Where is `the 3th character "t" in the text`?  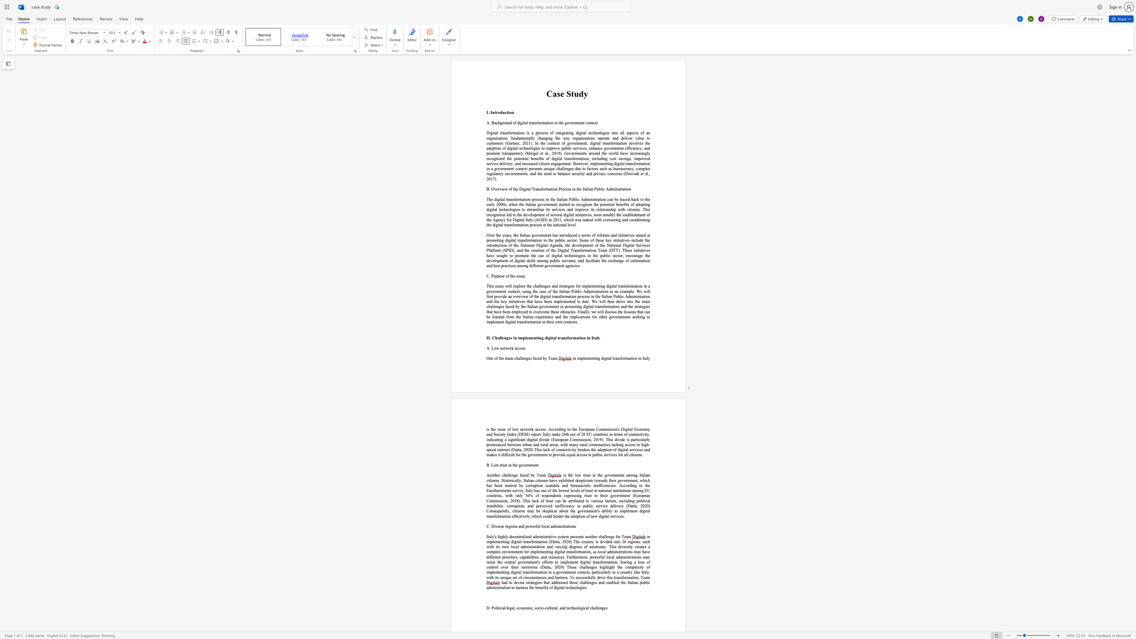 the 3th character "t" in the text is located at coordinates (567, 608).